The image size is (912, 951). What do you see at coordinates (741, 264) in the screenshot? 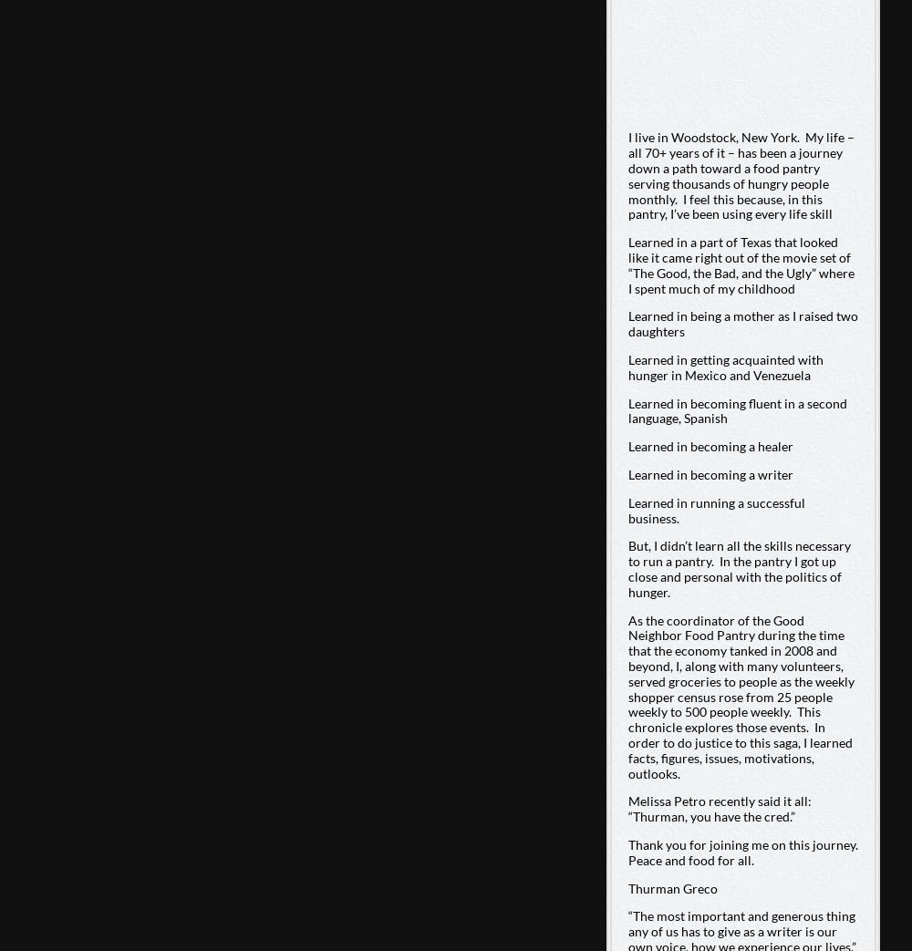
I see `'Learned in a part of Texas that looked like it came right out of the movie set of “The Good, the Bad, and the Ugly” where I spent much of my childhood'` at bounding box center [741, 264].